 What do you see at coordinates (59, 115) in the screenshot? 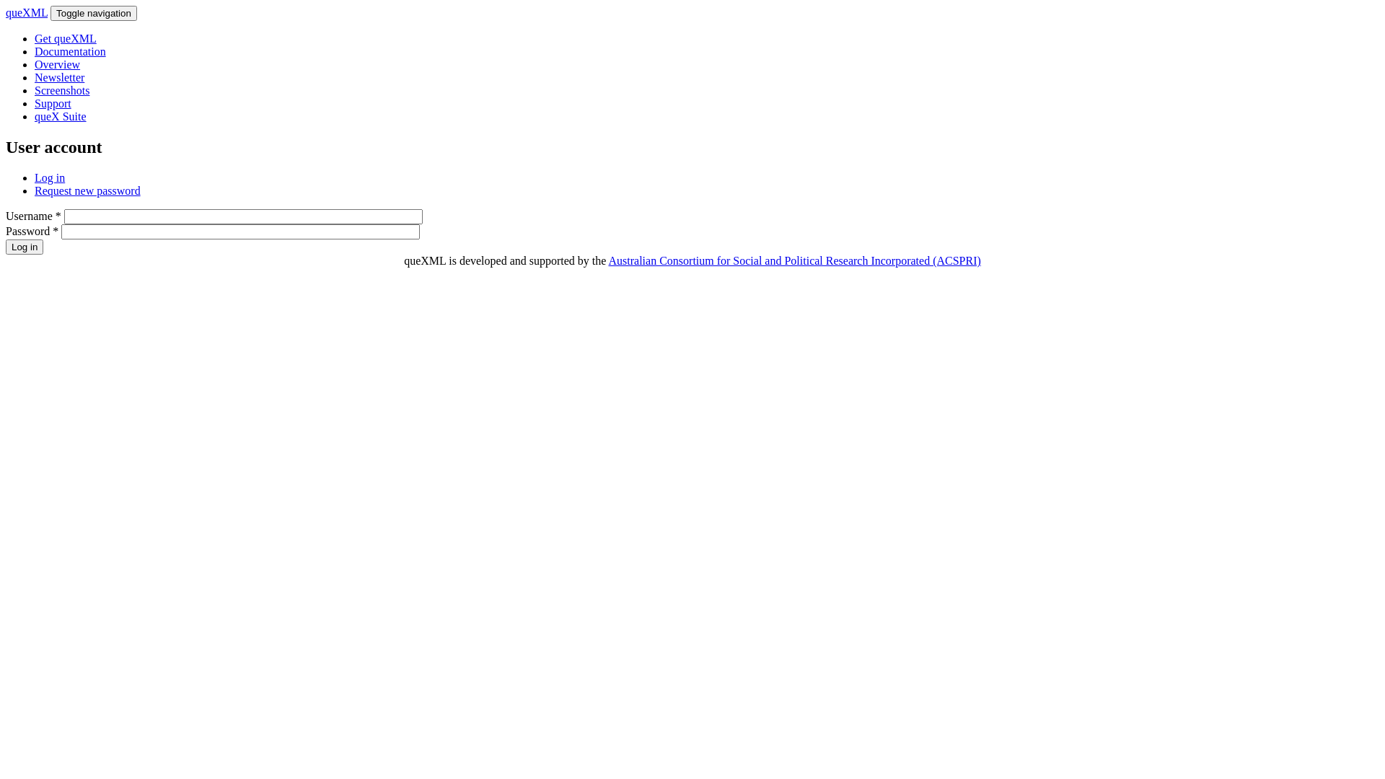
I see `'queX Suite'` at bounding box center [59, 115].